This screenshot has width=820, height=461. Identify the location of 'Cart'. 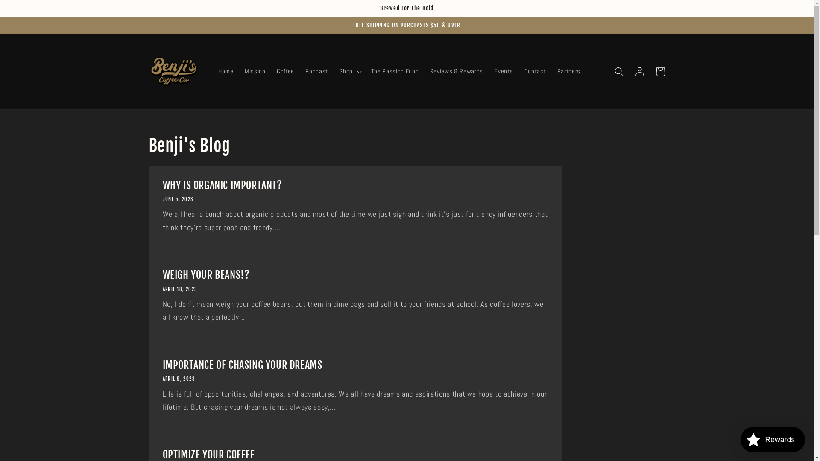
(649, 71).